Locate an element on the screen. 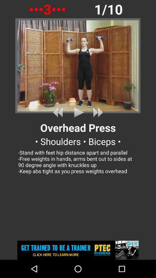 The height and width of the screenshot is (278, 156). click the play option is located at coordinates (78, 112).